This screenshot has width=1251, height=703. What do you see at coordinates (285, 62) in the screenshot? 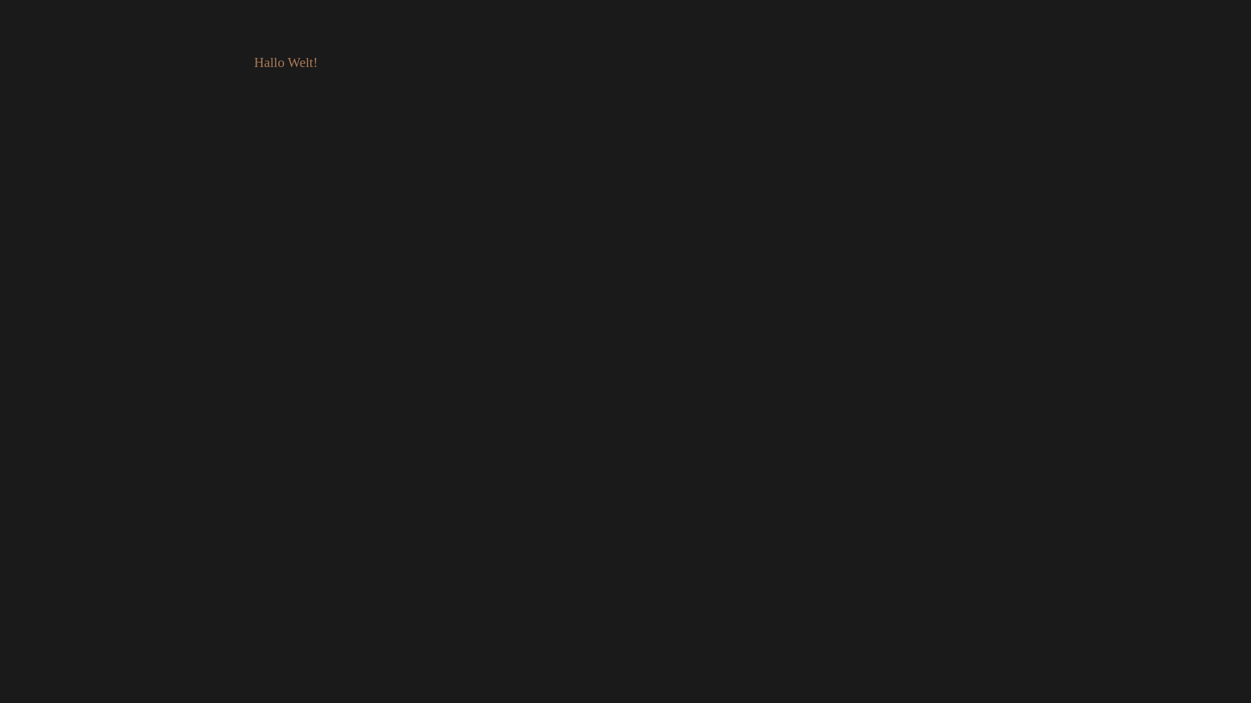
I see `'Hallo Welt!'` at bounding box center [285, 62].